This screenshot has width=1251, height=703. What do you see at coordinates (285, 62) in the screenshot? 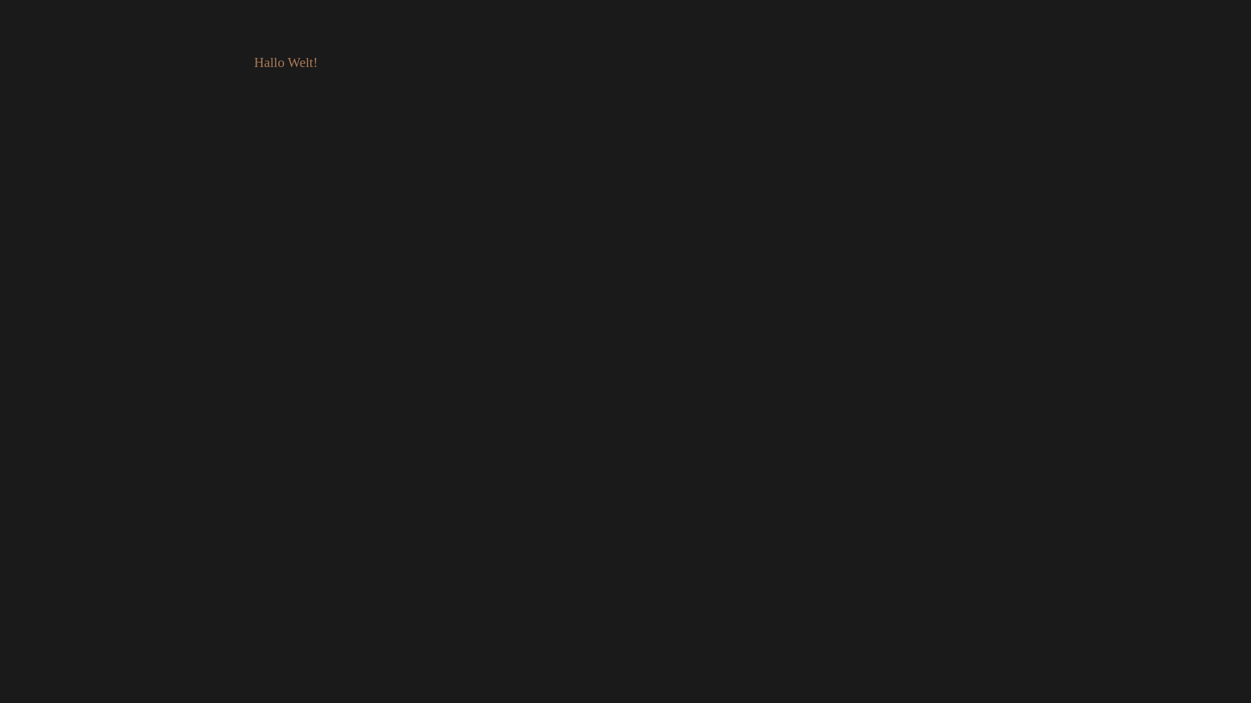
I see `'Hallo Welt!'` at bounding box center [285, 62].